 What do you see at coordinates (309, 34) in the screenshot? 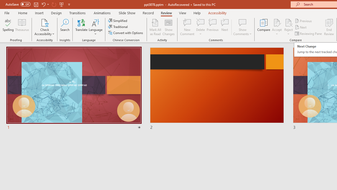
I see `'Reviewing Pane'` at bounding box center [309, 34].